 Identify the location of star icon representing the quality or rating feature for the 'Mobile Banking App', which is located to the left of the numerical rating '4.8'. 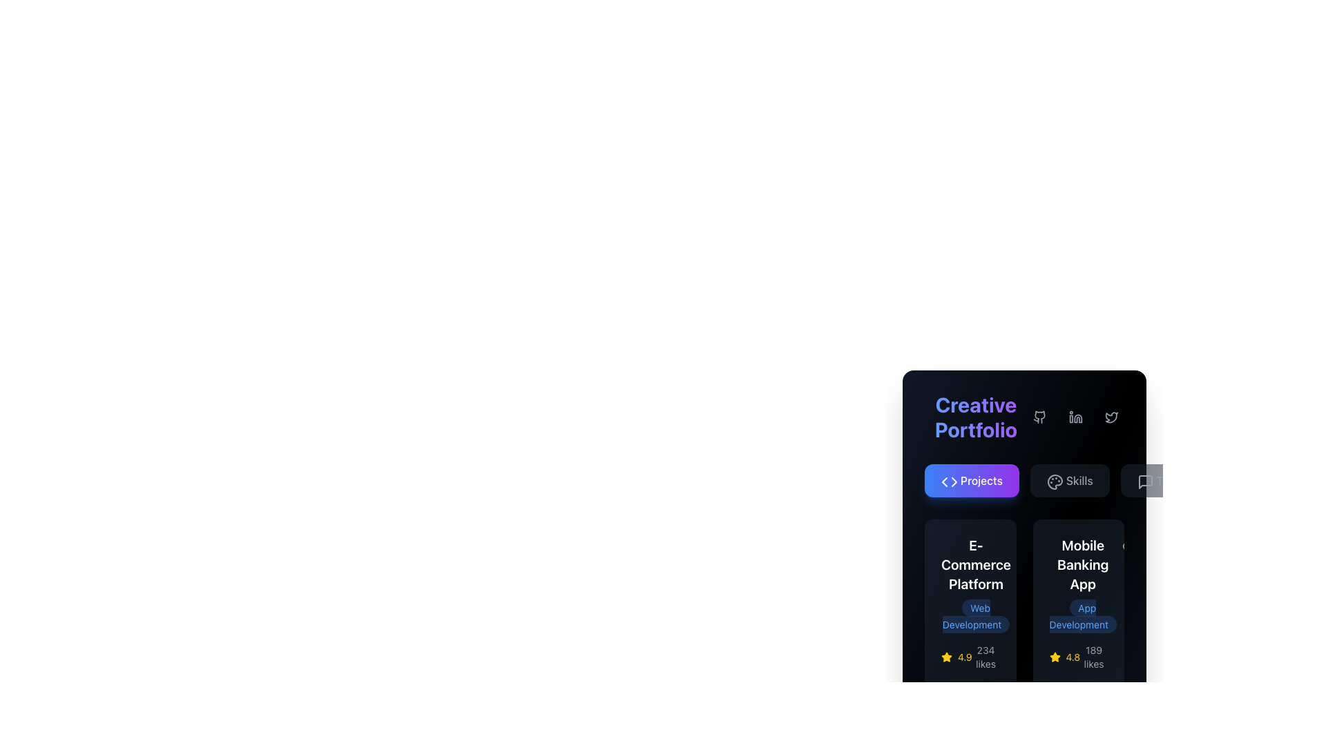
(1054, 656).